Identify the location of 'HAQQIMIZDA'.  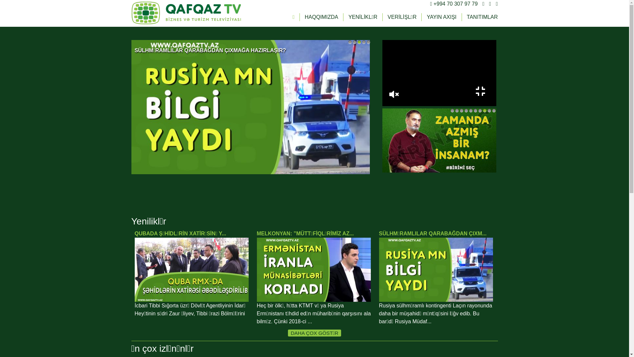
(321, 17).